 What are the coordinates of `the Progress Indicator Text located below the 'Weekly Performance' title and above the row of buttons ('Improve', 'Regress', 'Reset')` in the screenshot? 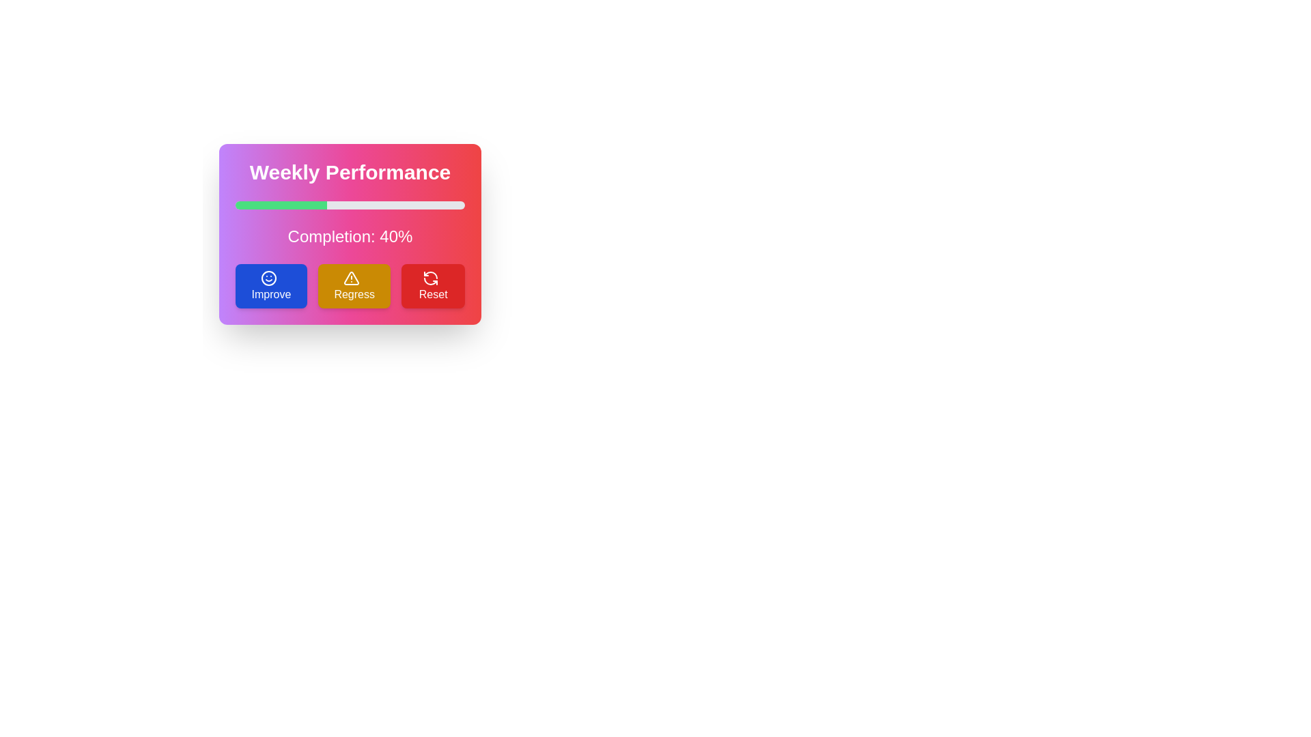 It's located at (350, 236).